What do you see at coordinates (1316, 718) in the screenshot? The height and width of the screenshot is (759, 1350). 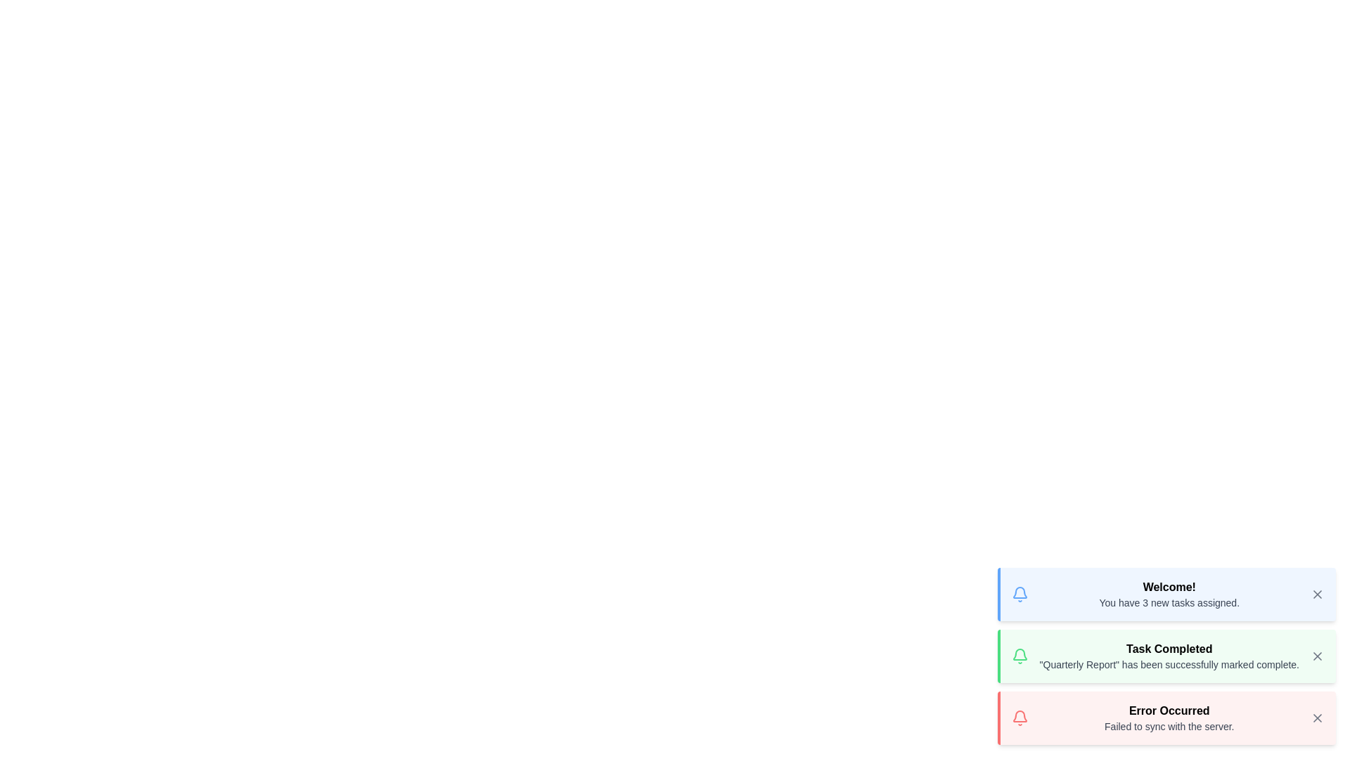 I see `the close button located at the top-right corner of the 'Error Occurred' notification` at bounding box center [1316, 718].